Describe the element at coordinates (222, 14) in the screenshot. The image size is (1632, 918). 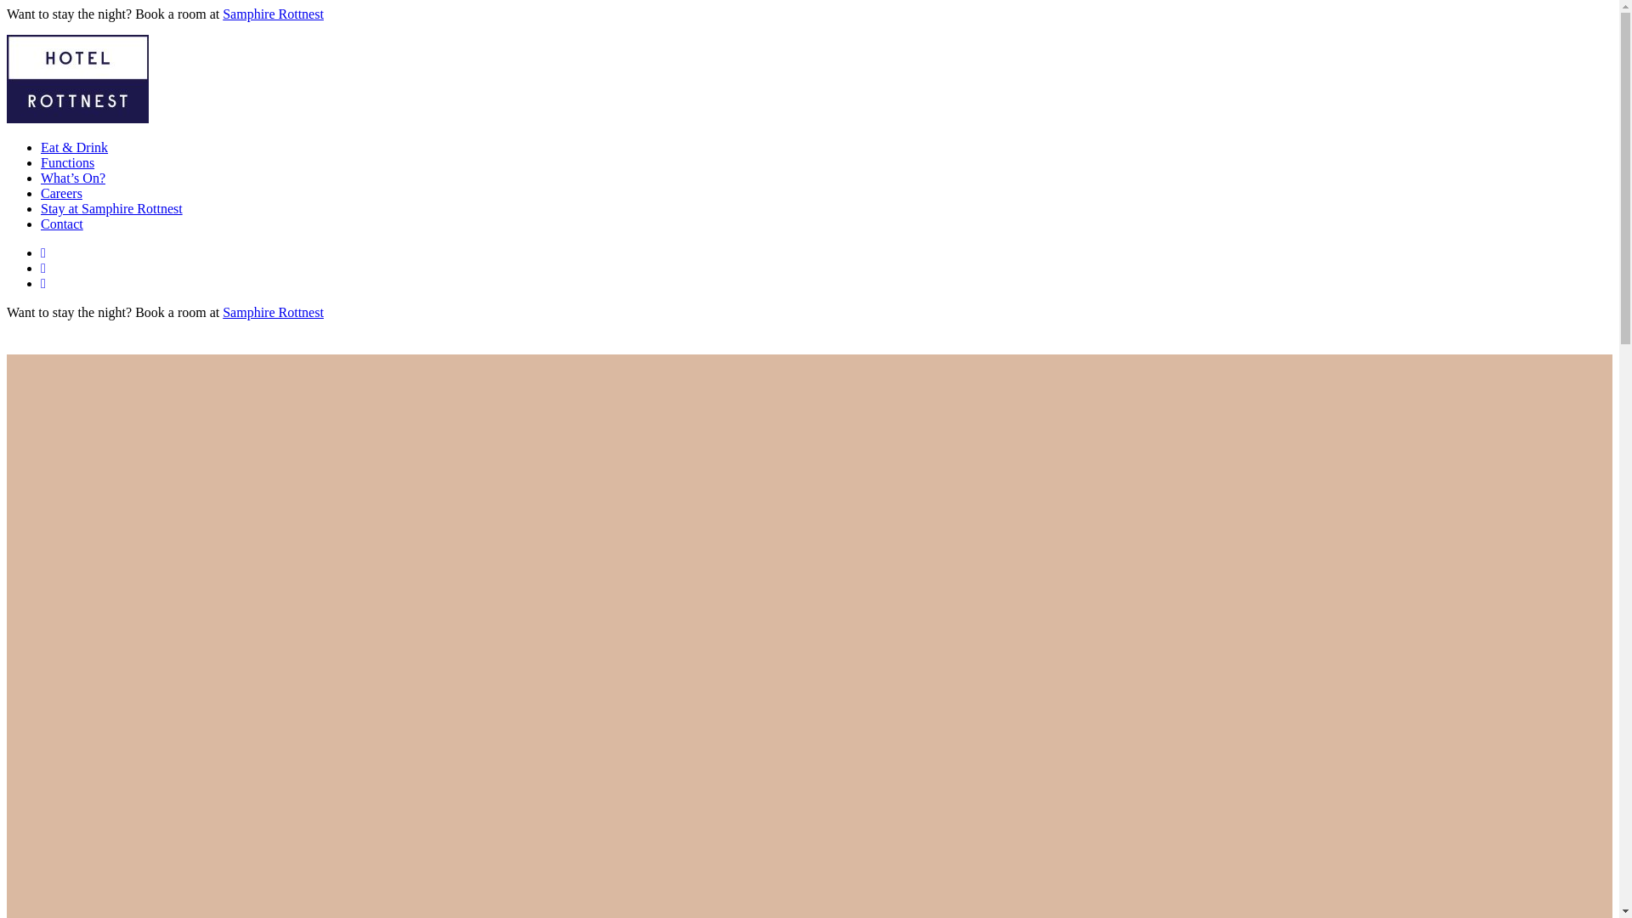
I see `'Samphire Rottnest'` at that location.